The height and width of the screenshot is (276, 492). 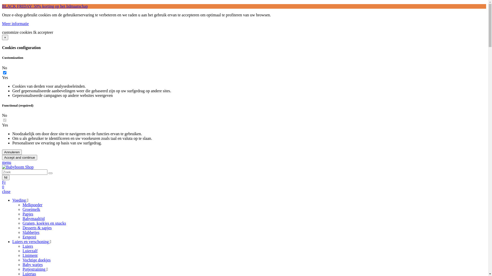 I want to click on 'Babymaaltijd', so click(x=33, y=218).